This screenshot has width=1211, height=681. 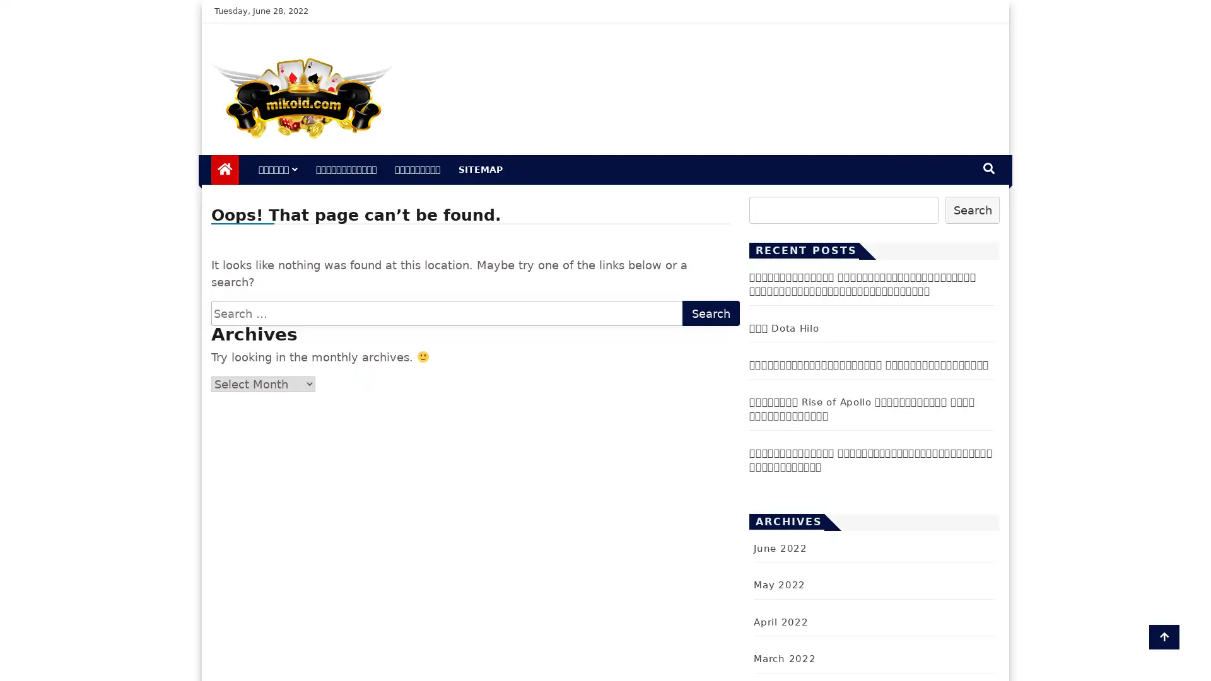 I want to click on Search, so click(x=971, y=209).